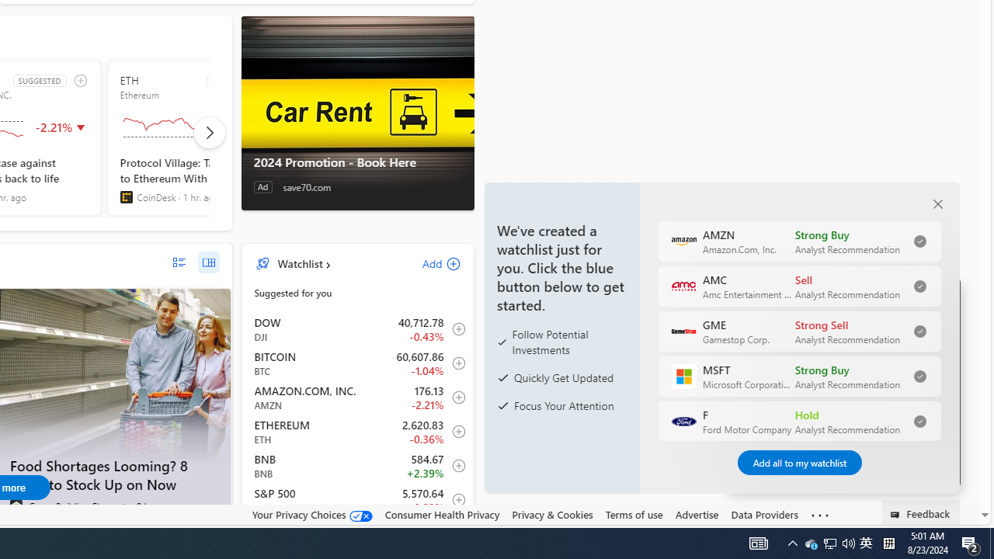 Image resolution: width=994 pixels, height=559 pixels. Describe the element at coordinates (311, 514) in the screenshot. I see `'Your Privacy Choices'` at that location.